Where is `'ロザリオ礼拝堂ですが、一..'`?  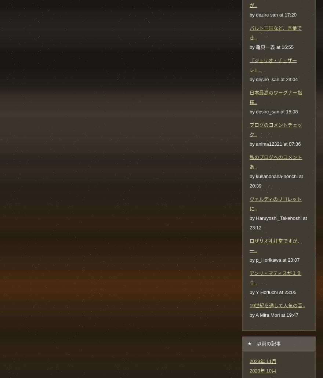 'ロザリオ礼拝堂ですが、一..' is located at coordinates (249, 245).